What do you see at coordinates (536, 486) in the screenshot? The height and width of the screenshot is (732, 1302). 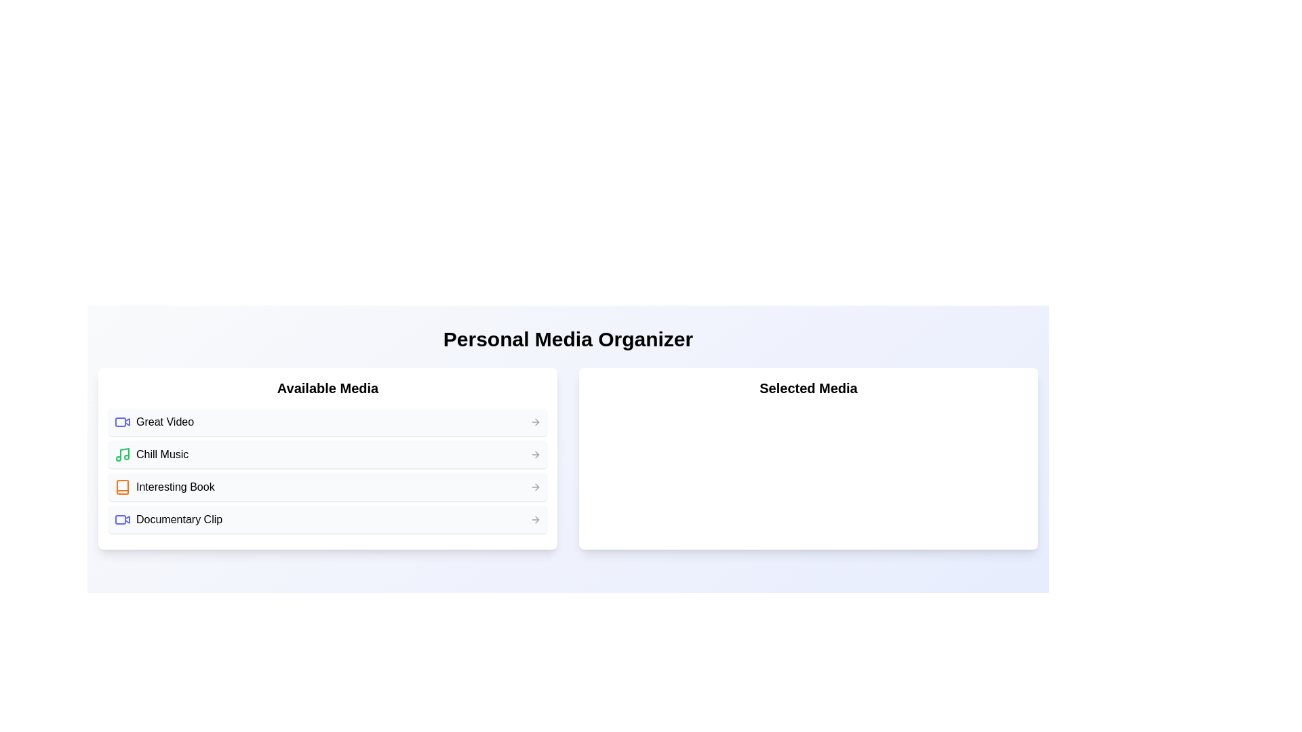 I see `the right-pointing arrow icon located on the right-hand side of the 'Interesting Book' interactive row in the 'Available Media' section` at bounding box center [536, 486].